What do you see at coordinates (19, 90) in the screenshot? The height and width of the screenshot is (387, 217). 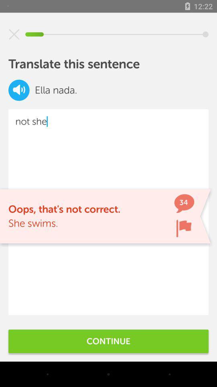 I see `the volume icon` at bounding box center [19, 90].